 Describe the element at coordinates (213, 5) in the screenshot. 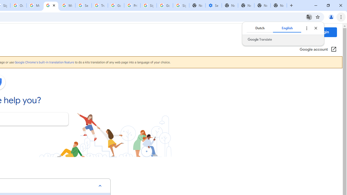

I see `'Settings - Performance'` at that location.